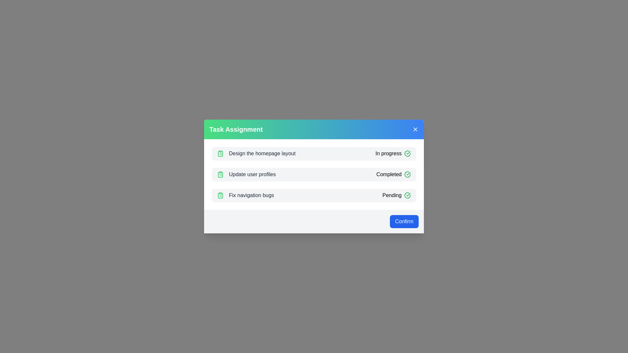 The image size is (628, 353). What do you see at coordinates (245, 195) in the screenshot?
I see `the task item labeled 'Fix navigation bugs' which is a horizontal row with a green clipboard icon, located below 'Update user profiles' and above the 'Pending' status indicator` at bounding box center [245, 195].